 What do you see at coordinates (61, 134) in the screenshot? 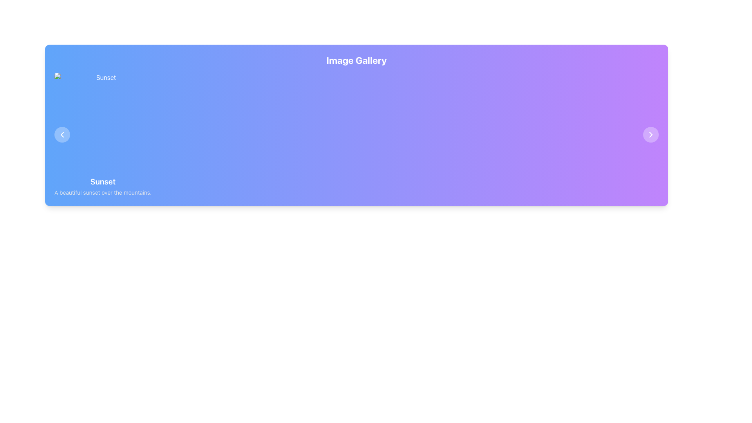
I see `the chevron-style leftward arrow icon` at bounding box center [61, 134].